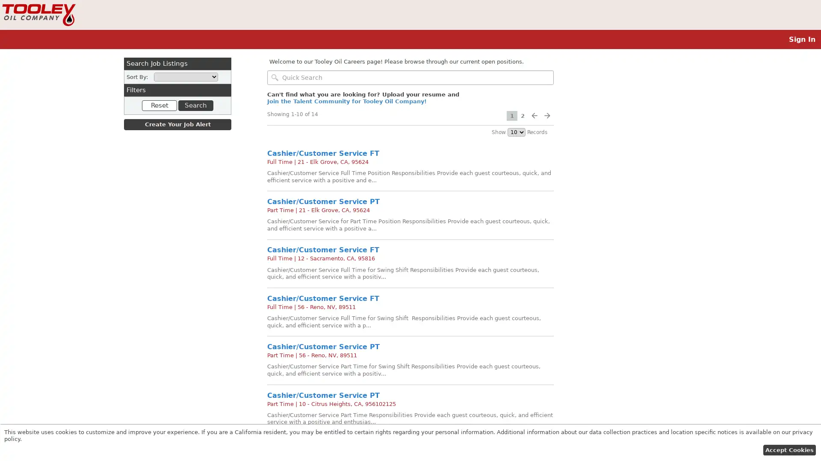  Describe the element at coordinates (195, 105) in the screenshot. I see `Search` at that location.